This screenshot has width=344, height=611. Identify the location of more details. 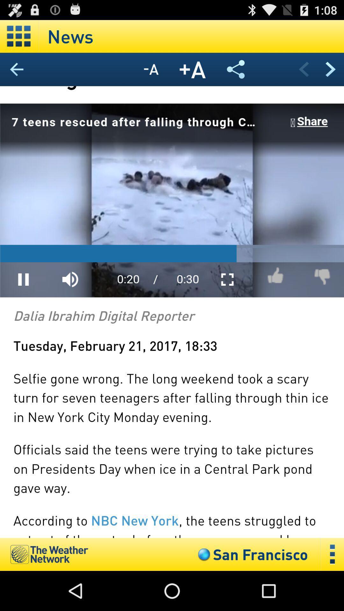
(332, 554).